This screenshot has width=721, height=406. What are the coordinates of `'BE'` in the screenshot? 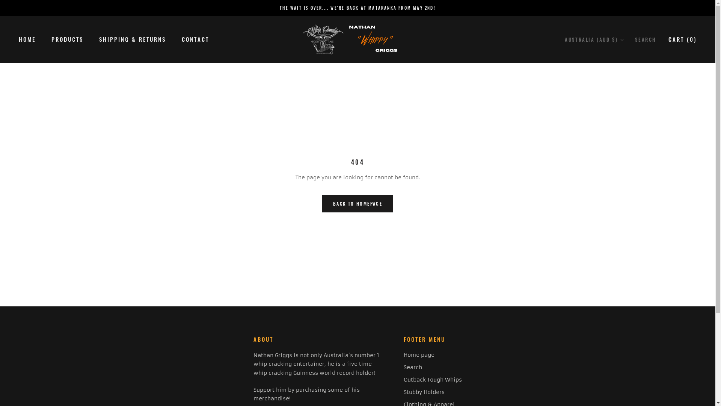 It's located at (564, 80).